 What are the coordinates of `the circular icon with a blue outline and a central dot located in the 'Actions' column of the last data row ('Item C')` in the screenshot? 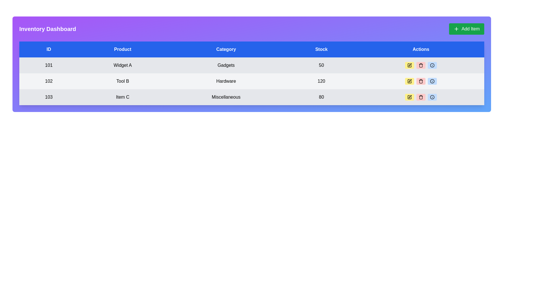 It's located at (432, 97).